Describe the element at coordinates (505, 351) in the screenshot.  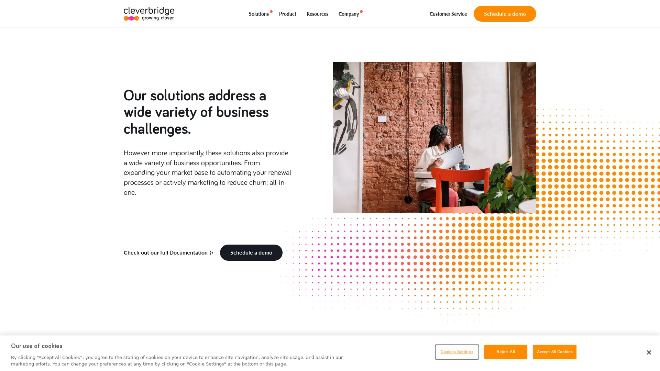
I see `Reject All` at that location.